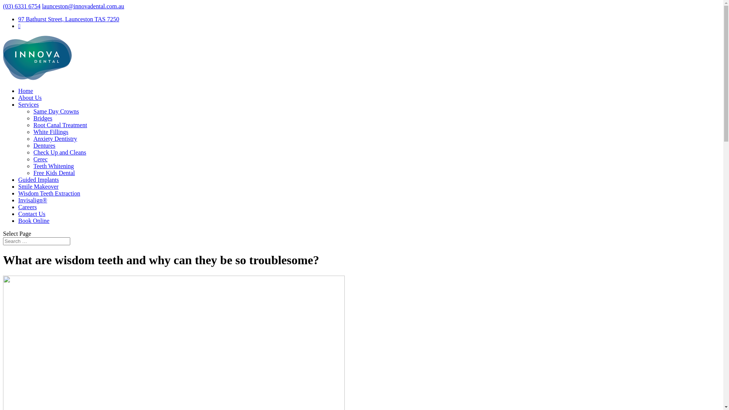 Image resolution: width=729 pixels, height=410 pixels. What do you see at coordinates (60, 125) in the screenshot?
I see `'Root Canal Treatment'` at bounding box center [60, 125].